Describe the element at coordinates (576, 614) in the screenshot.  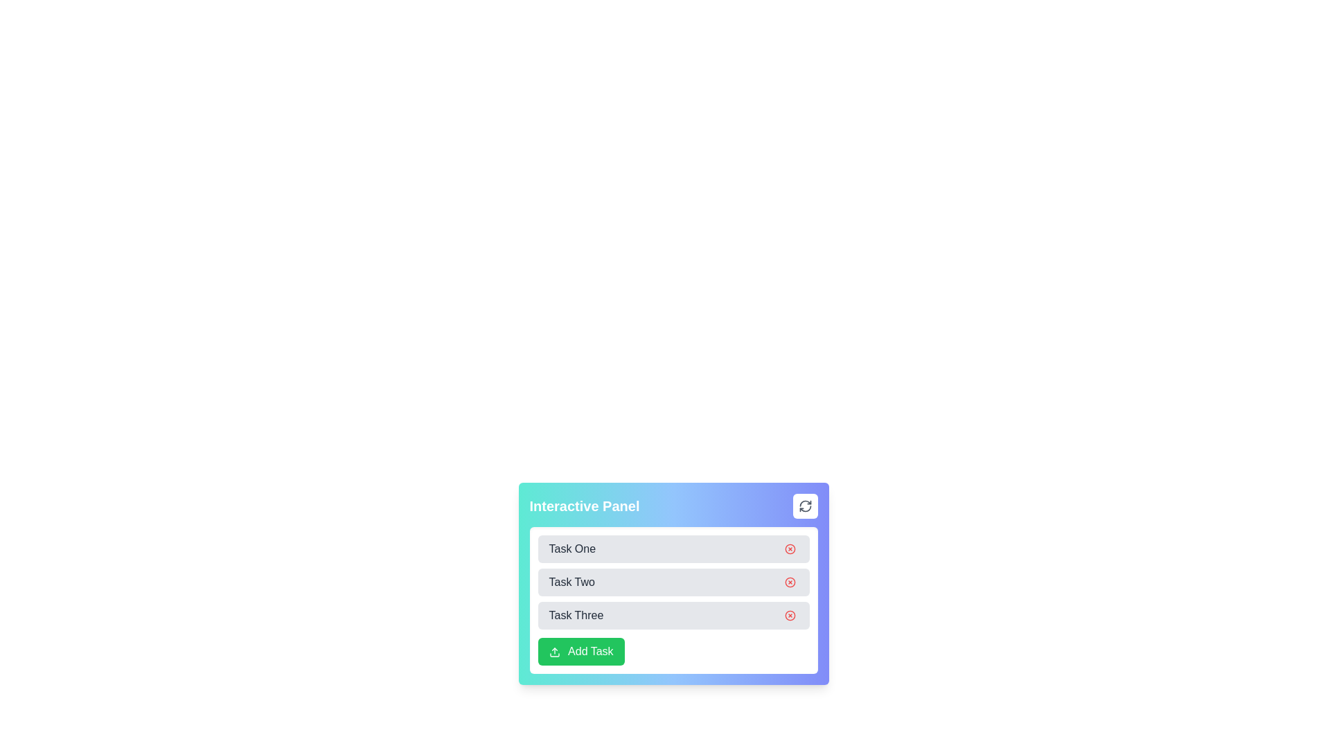
I see `text of the Text Label representing the third task in the list, which is located below 'Task Two' and above the 'Add Task' button in the 'Interactive Panel'` at that location.